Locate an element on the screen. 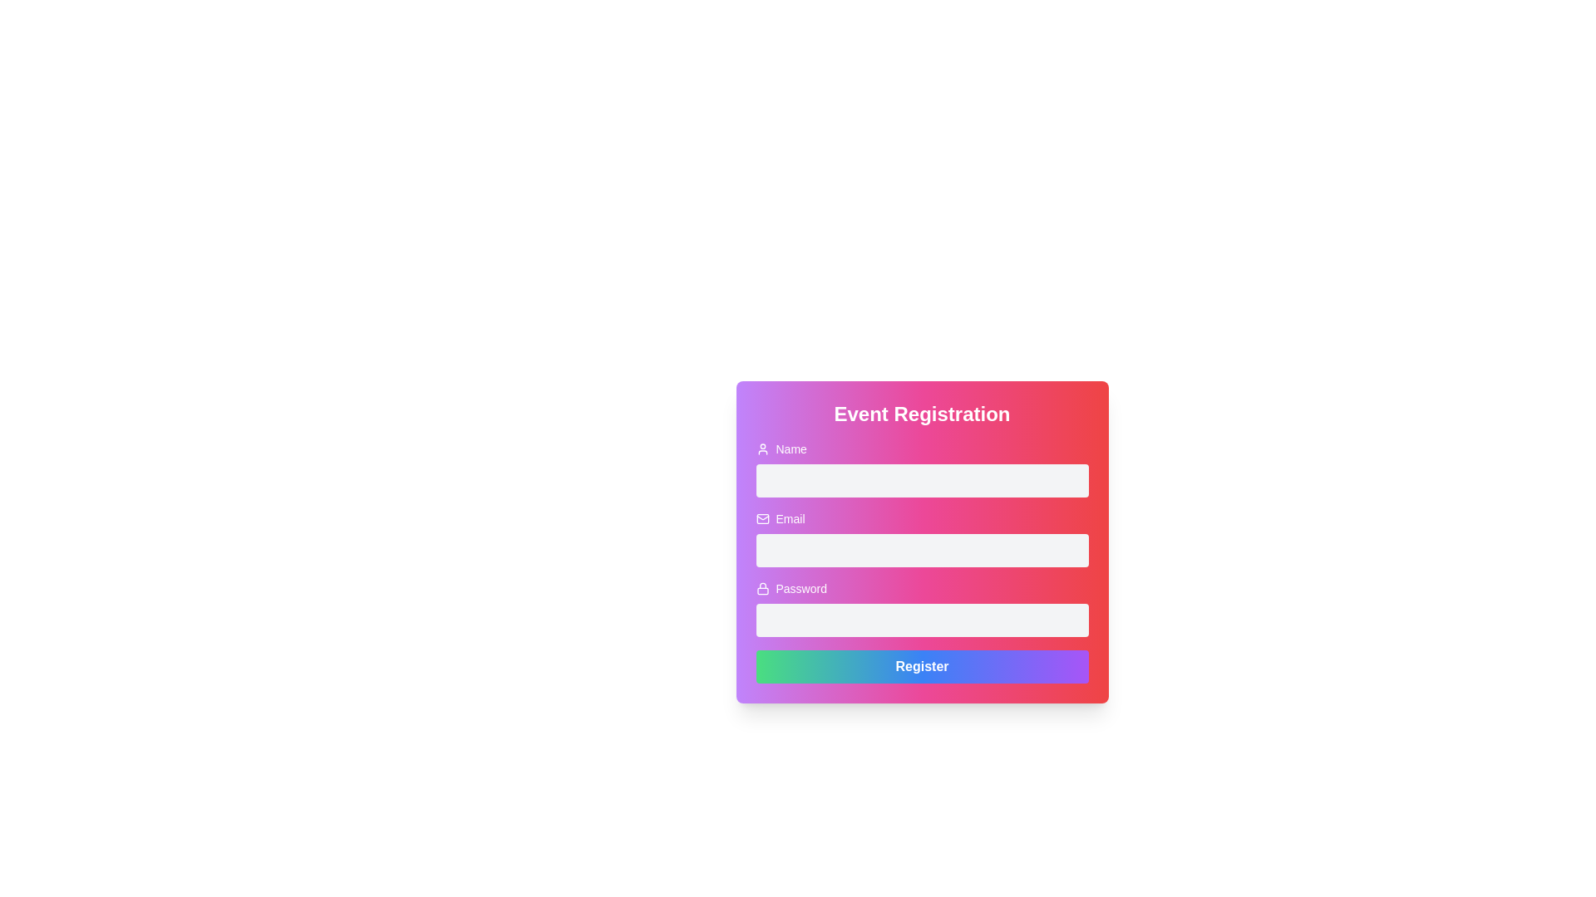 This screenshot has height=897, width=1596. the user icon, which is a small outline drawing of a person styled in white on a pinkish-purple background, located to the left of the text 'Name' in the 'Event Registration' panel is located at coordinates (761, 448).